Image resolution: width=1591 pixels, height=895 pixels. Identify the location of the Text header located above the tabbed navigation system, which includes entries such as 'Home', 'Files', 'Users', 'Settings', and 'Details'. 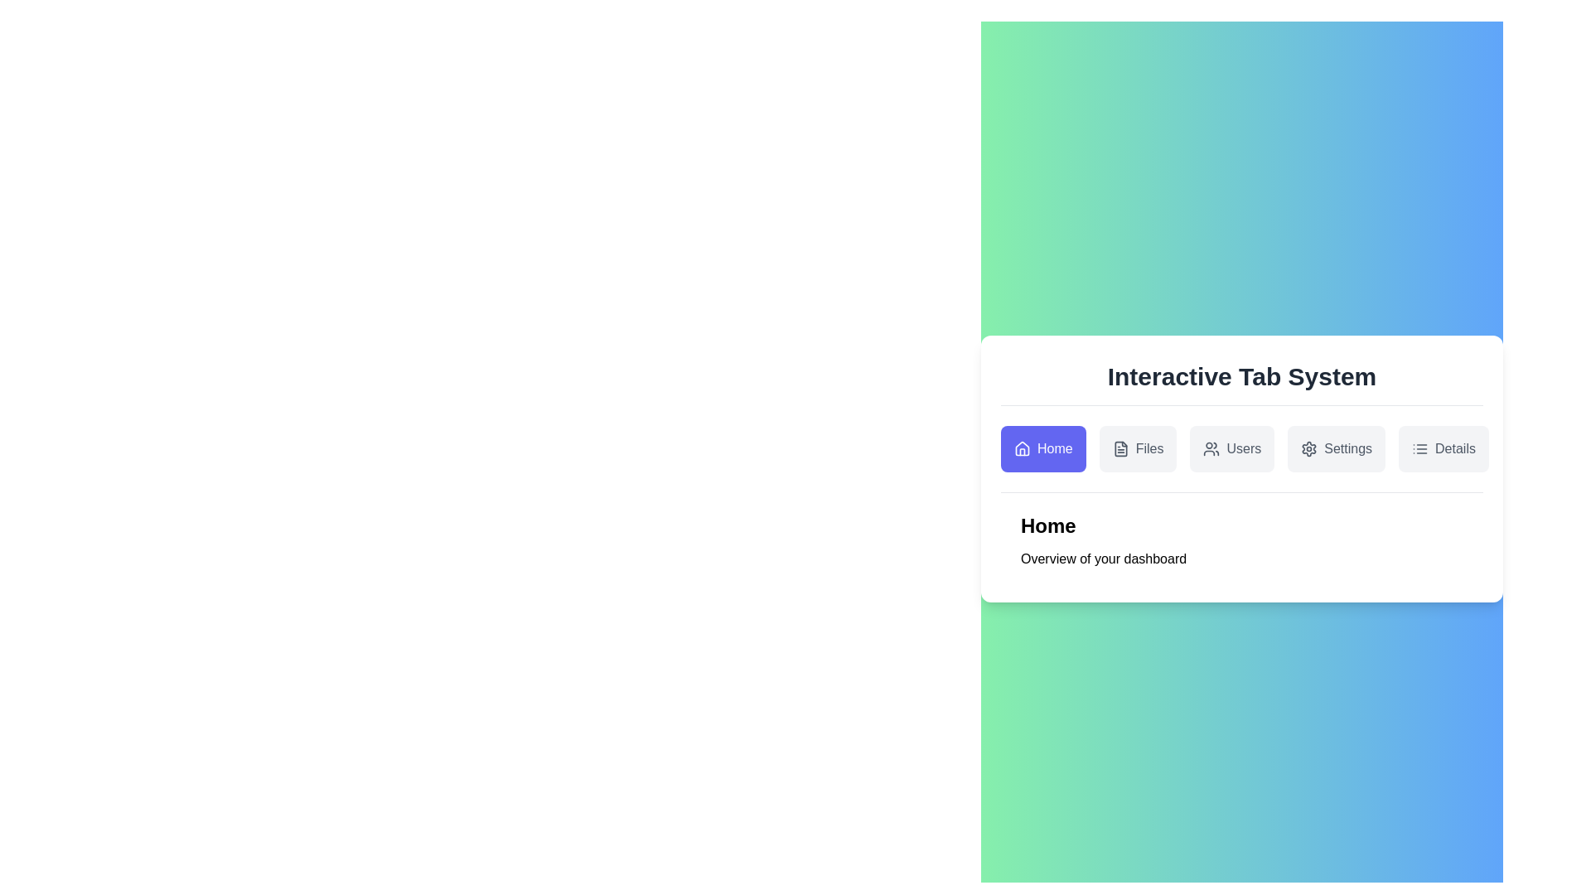
(1241, 377).